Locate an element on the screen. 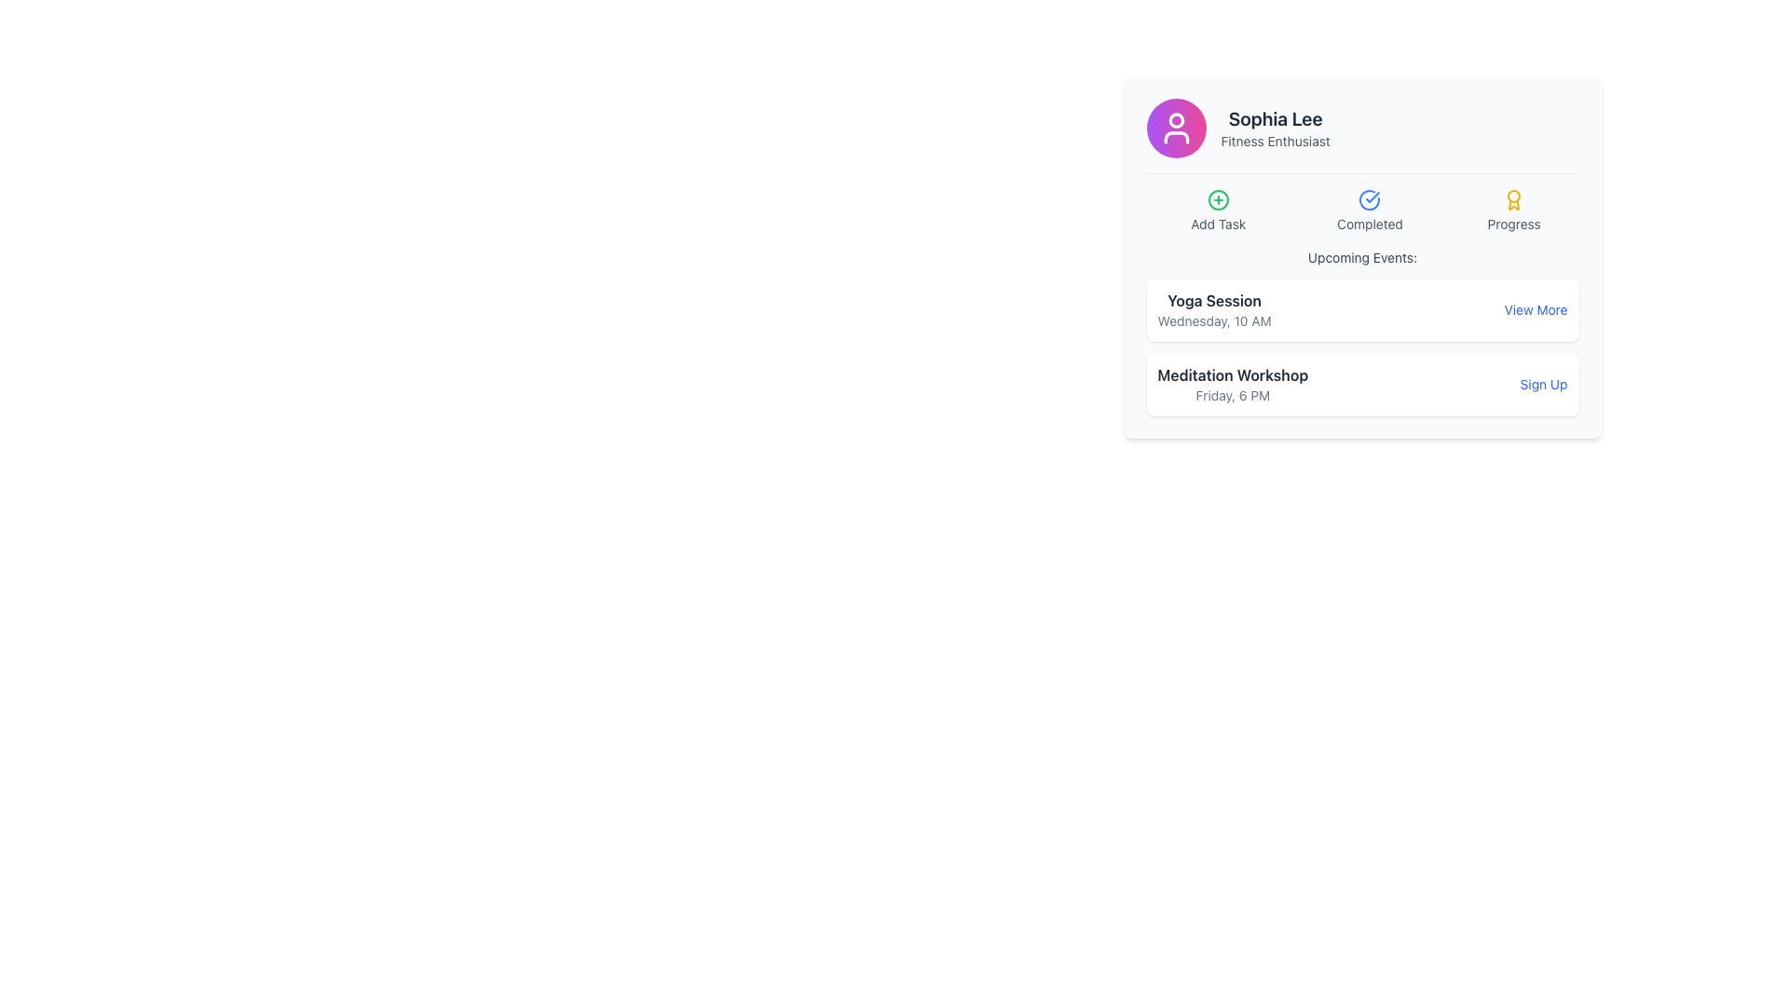 The height and width of the screenshot is (1006, 1789). the user profile icon, which is a white silhouette against a circular gradient background transitioning from purple to pink, located to the left of the text block displaying 'Sophia Lee' and 'Fitness Enthusiast' is located at coordinates (1175, 128).